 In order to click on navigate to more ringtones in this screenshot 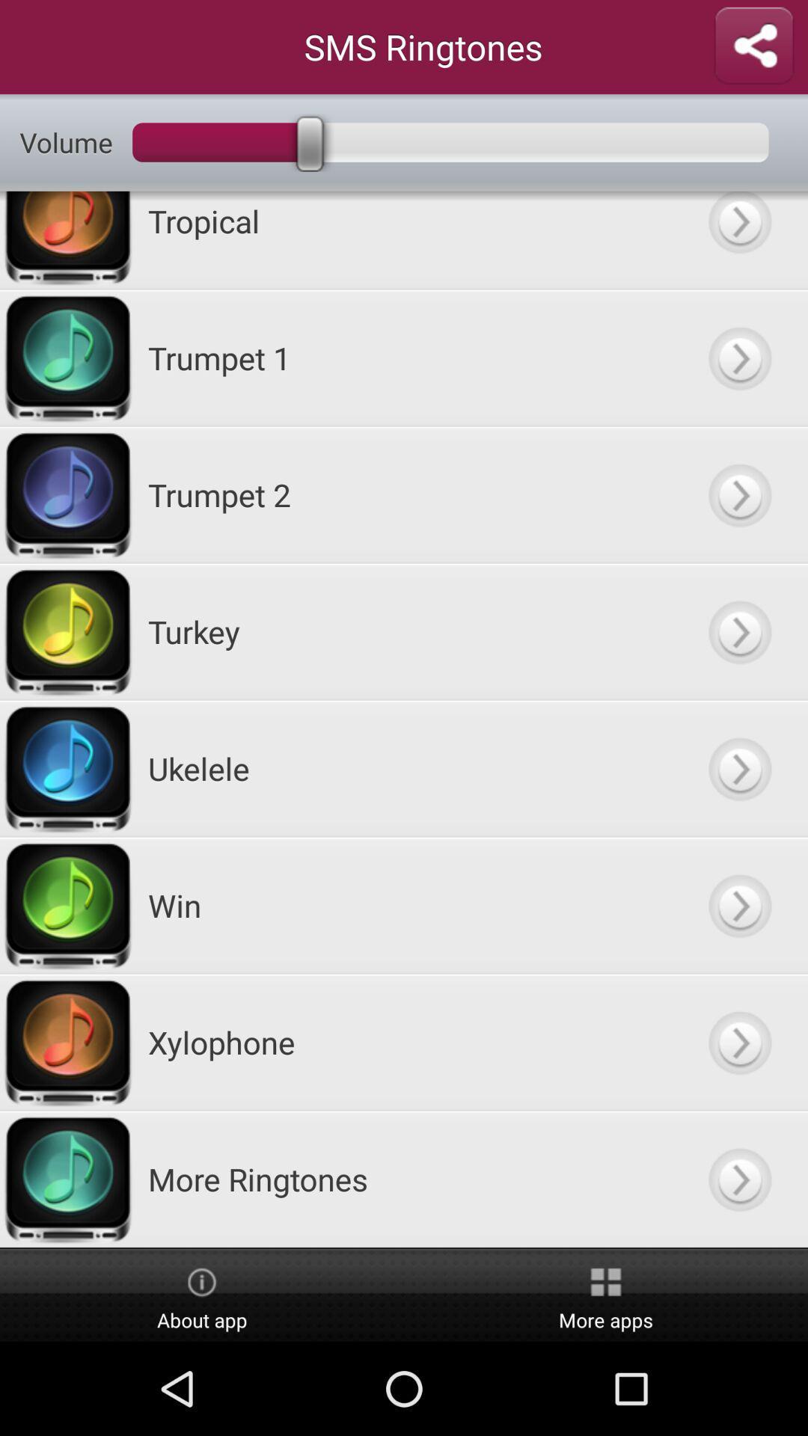, I will do `click(738, 1178)`.